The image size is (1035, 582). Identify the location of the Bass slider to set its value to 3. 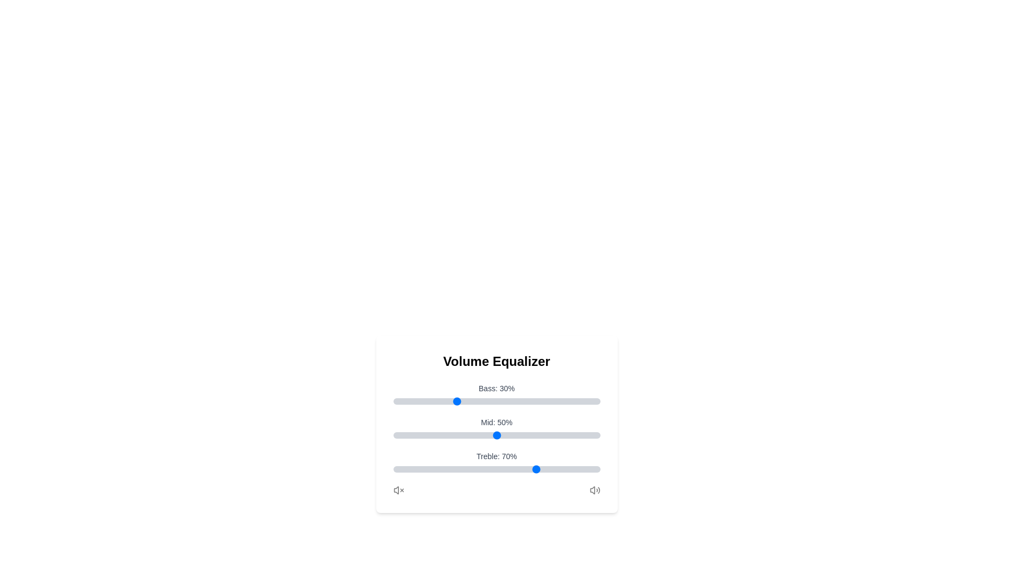
(398, 401).